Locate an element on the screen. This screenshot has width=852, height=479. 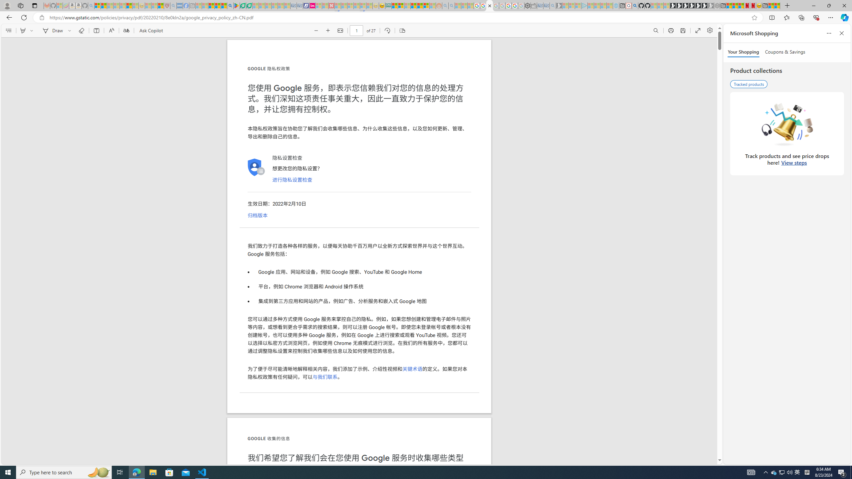
'Select a highlight color' is located at coordinates (32, 30).